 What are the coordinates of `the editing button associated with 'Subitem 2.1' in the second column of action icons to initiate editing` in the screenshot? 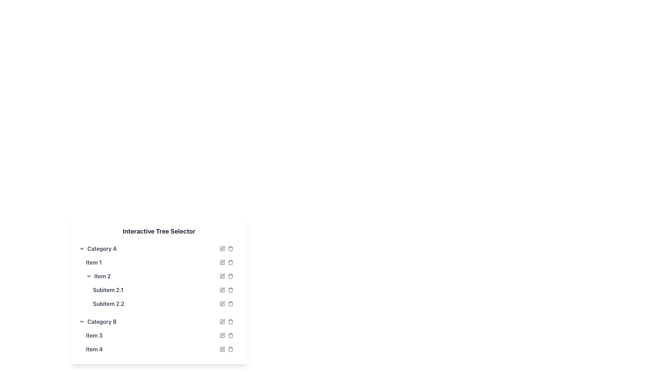 It's located at (222, 290).